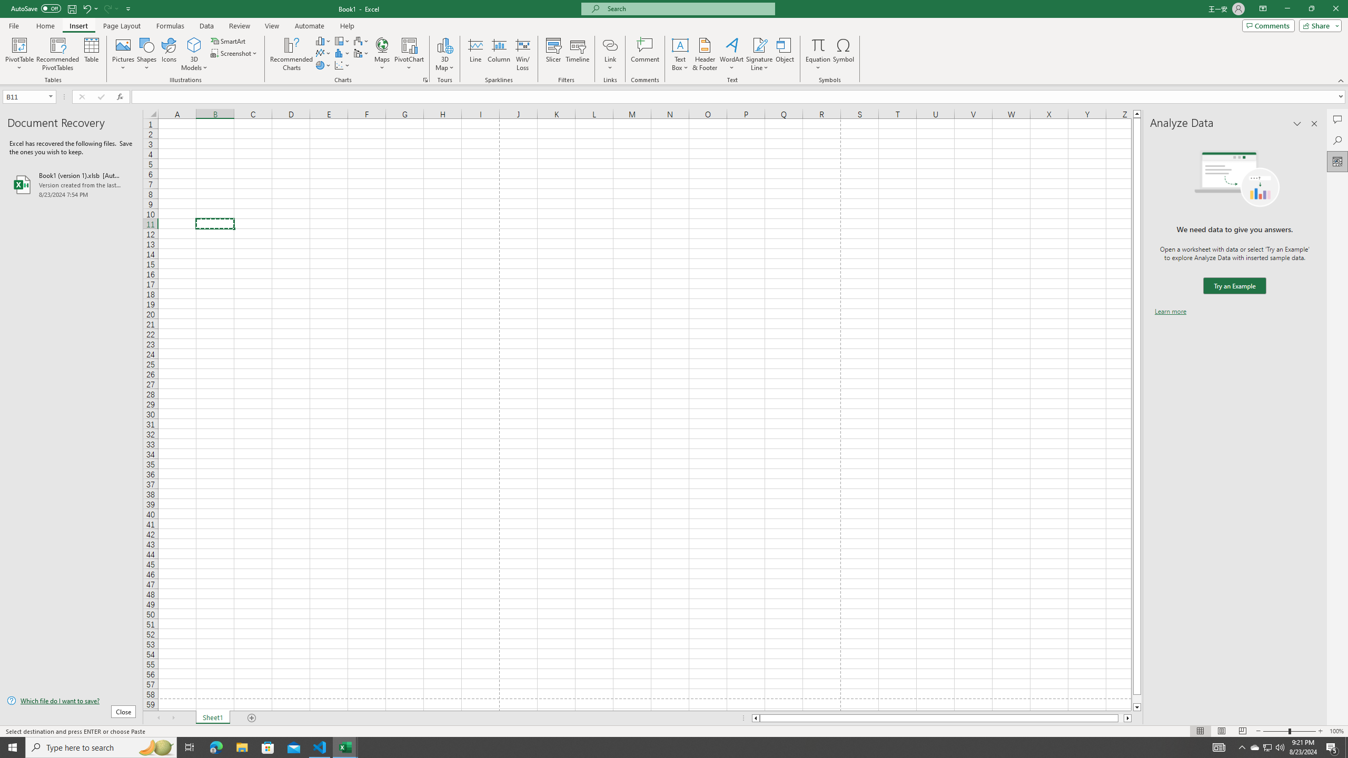 This screenshot has width=1348, height=758. I want to click on 'Insert Statistic Chart', so click(342, 52).